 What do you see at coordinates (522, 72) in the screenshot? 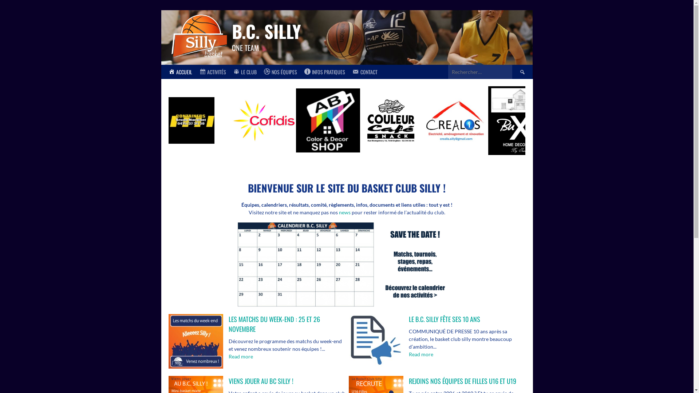
I see `'Rechercher'` at bounding box center [522, 72].